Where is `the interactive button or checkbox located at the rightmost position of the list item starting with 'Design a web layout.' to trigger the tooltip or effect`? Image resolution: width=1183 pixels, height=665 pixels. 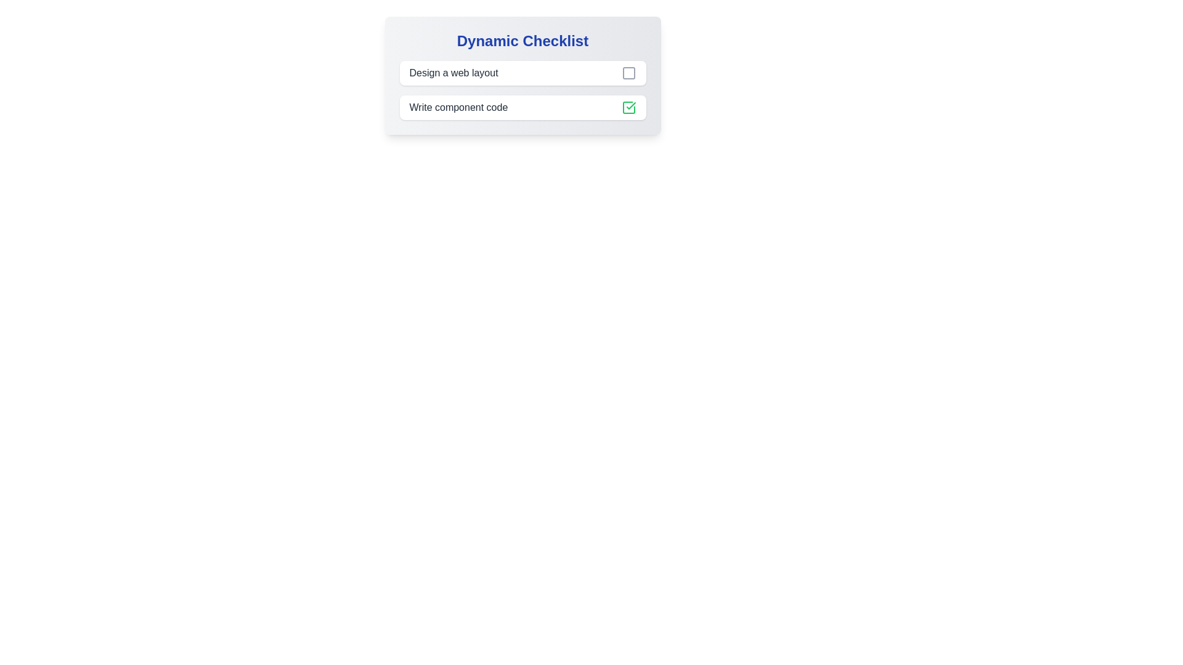
the interactive button or checkbox located at the rightmost position of the list item starting with 'Design a web layout.' to trigger the tooltip or effect is located at coordinates (628, 73).